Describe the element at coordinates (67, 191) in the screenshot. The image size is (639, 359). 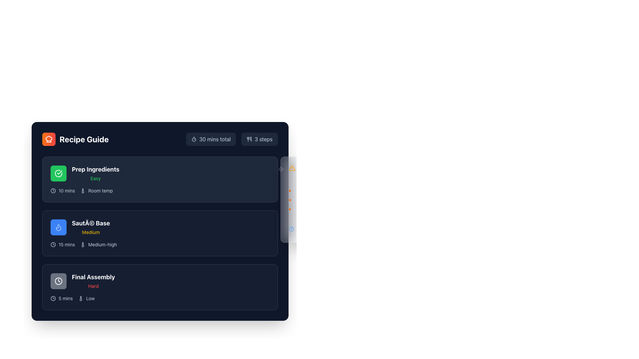
I see `the Label element displaying '10 mins' in white color, located in the 'Prep Ingredients' section, to the right of the clock icon` at that location.